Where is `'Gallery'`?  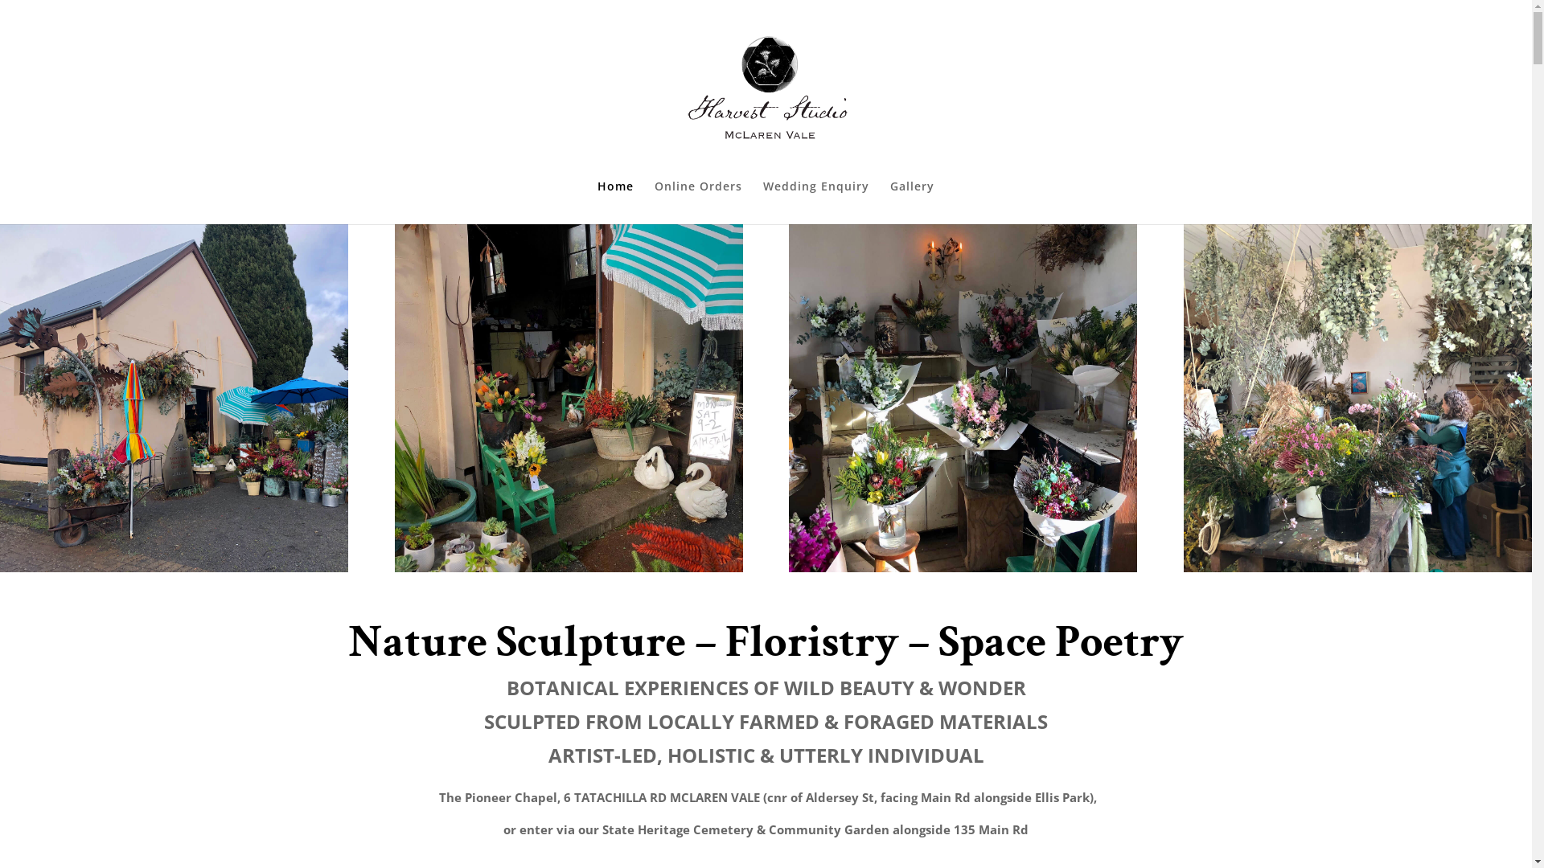
'Gallery' is located at coordinates (889, 201).